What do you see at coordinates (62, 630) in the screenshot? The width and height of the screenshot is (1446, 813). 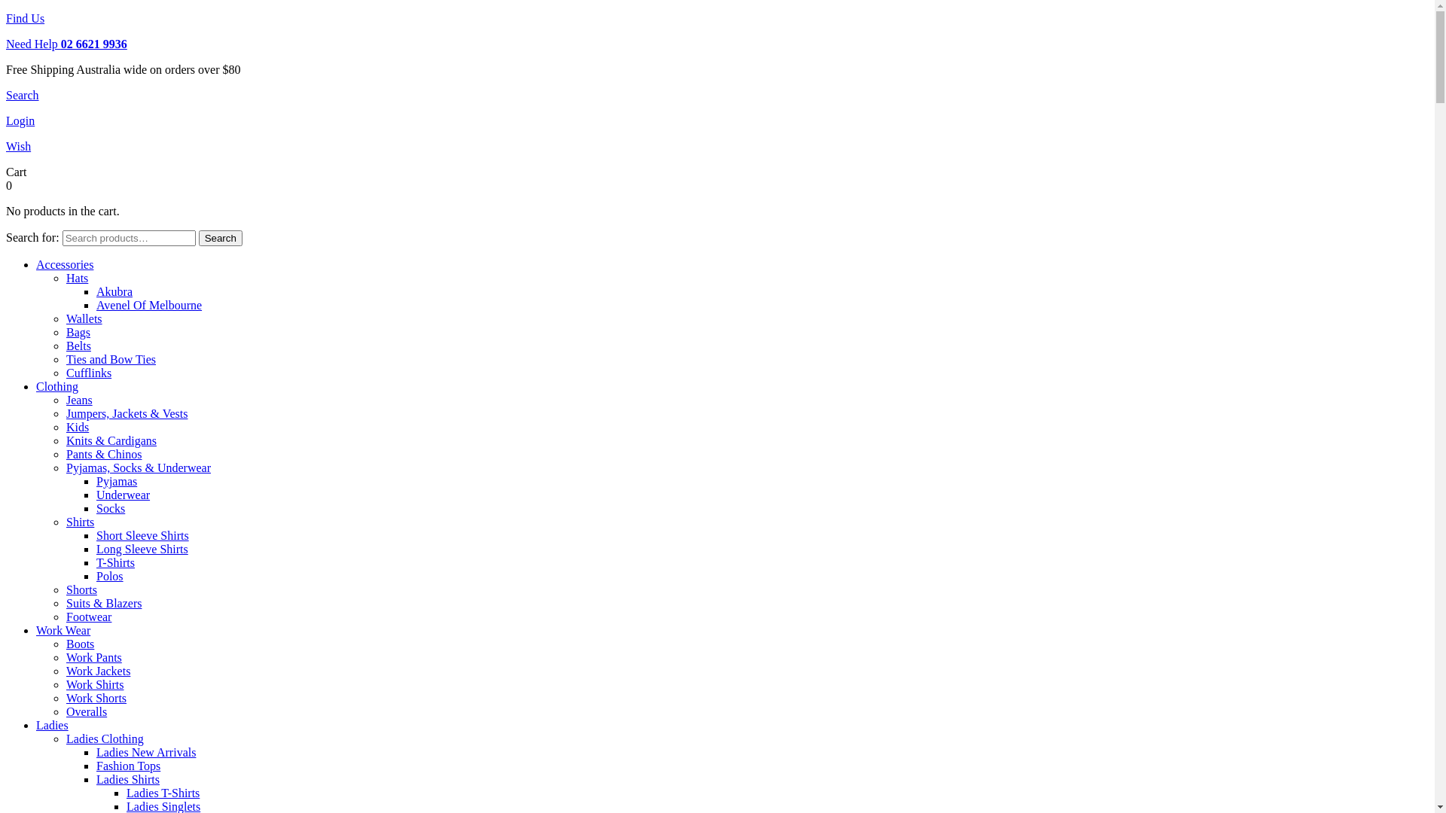 I see `'Work Wear'` at bounding box center [62, 630].